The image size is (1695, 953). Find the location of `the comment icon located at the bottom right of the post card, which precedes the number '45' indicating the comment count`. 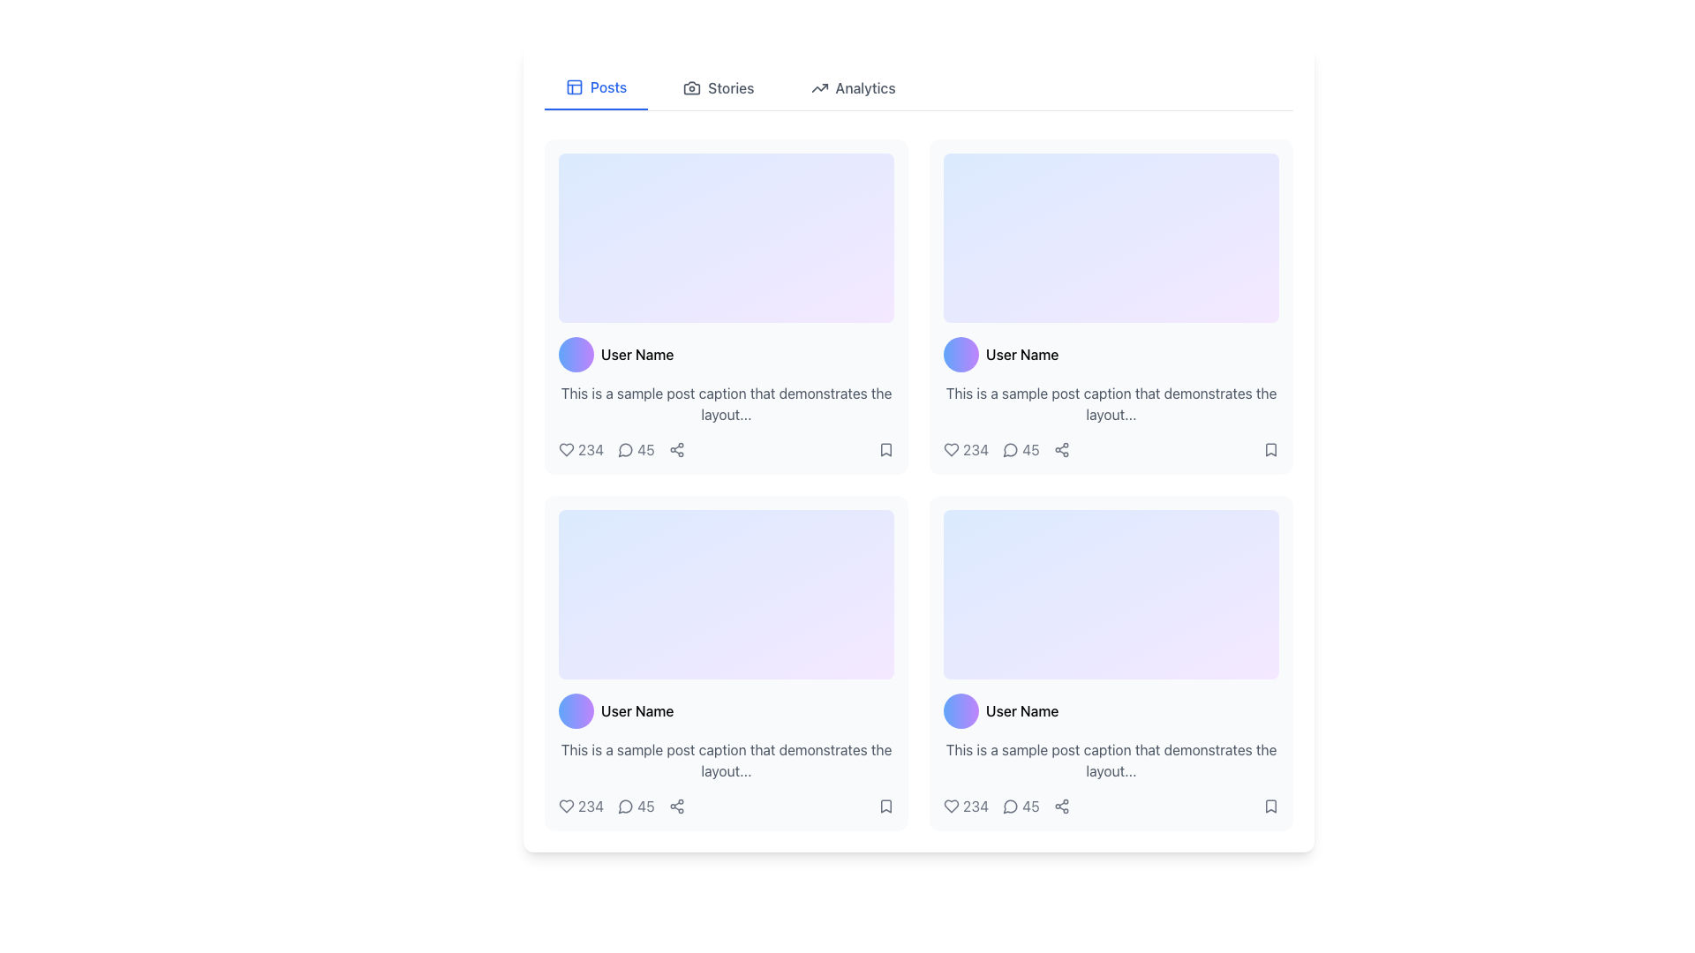

the comment icon located at the bottom right of the post card, which precedes the number '45' indicating the comment count is located at coordinates (1011, 448).